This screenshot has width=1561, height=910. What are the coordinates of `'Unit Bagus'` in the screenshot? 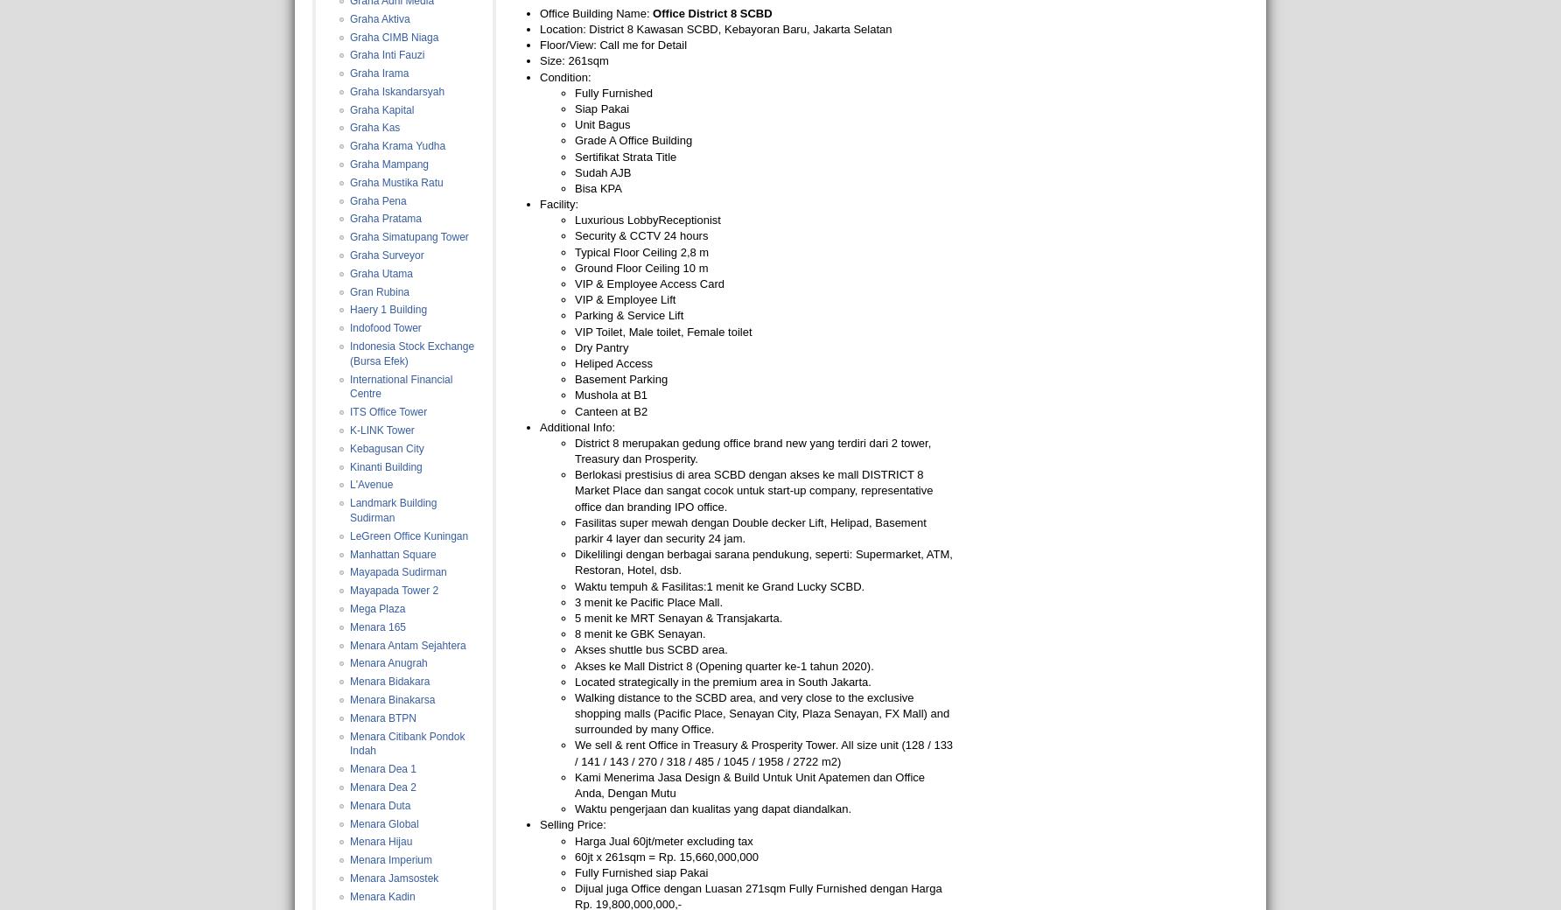 It's located at (602, 124).